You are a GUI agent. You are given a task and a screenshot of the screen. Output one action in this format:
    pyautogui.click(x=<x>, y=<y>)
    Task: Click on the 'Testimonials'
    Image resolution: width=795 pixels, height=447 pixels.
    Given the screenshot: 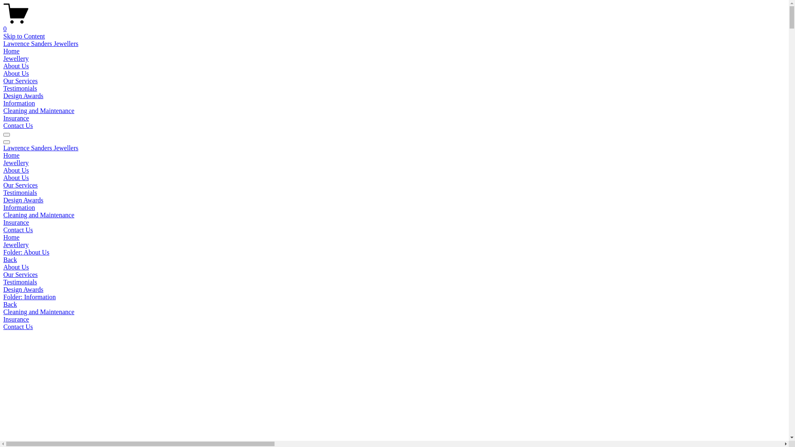 What is the action you would take?
    pyautogui.click(x=394, y=282)
    